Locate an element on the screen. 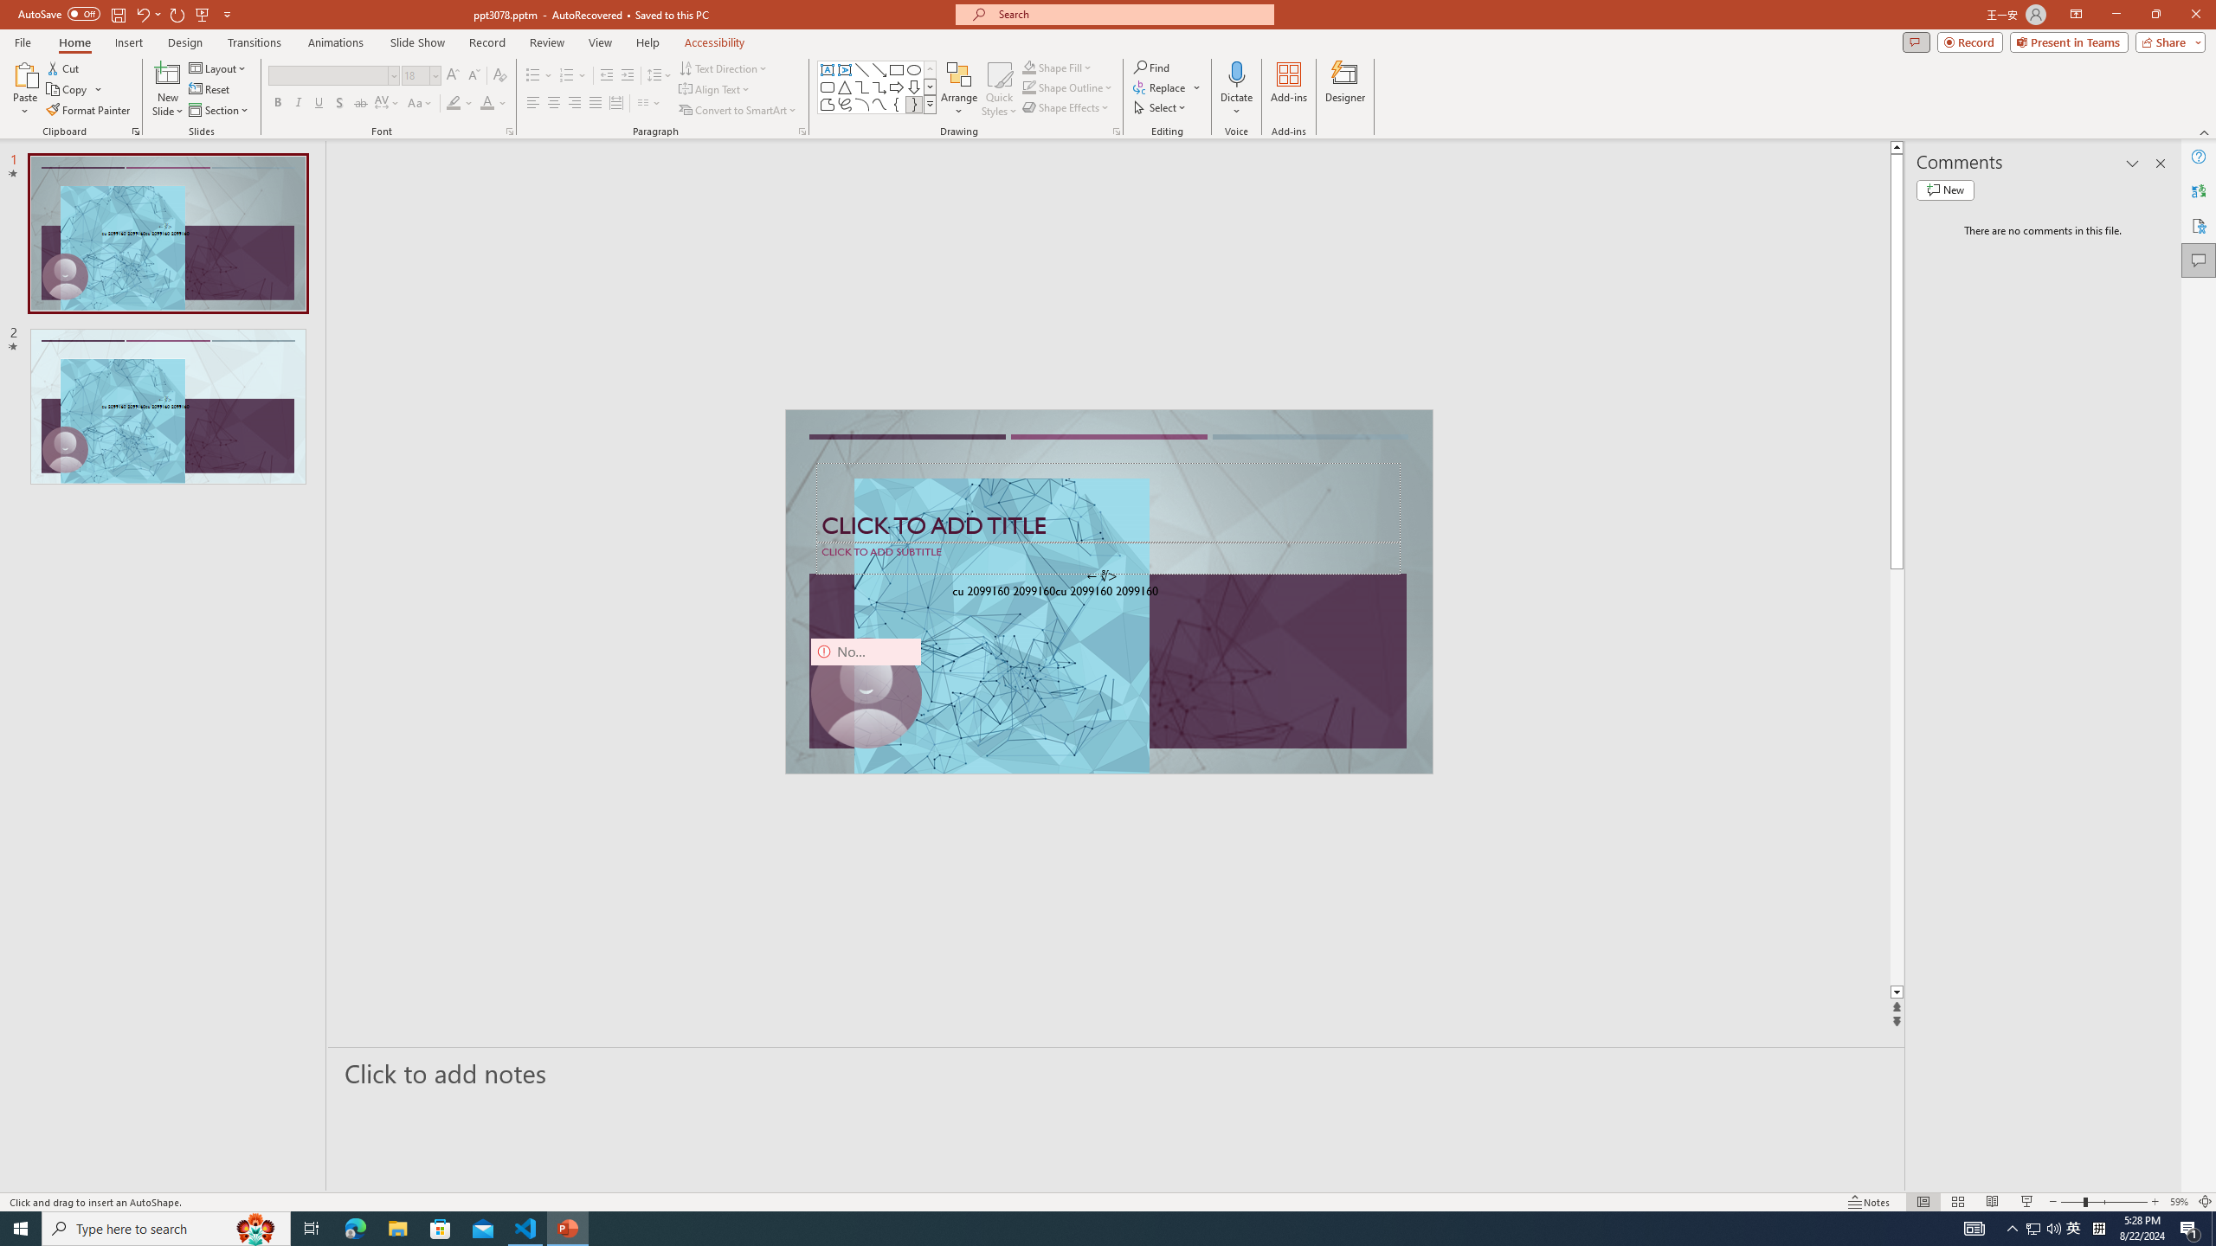 This screenshot has height=1246, width=2216. 'Shape Fill Dark Green, Accent 2' is located at coordinates (1029, 67).